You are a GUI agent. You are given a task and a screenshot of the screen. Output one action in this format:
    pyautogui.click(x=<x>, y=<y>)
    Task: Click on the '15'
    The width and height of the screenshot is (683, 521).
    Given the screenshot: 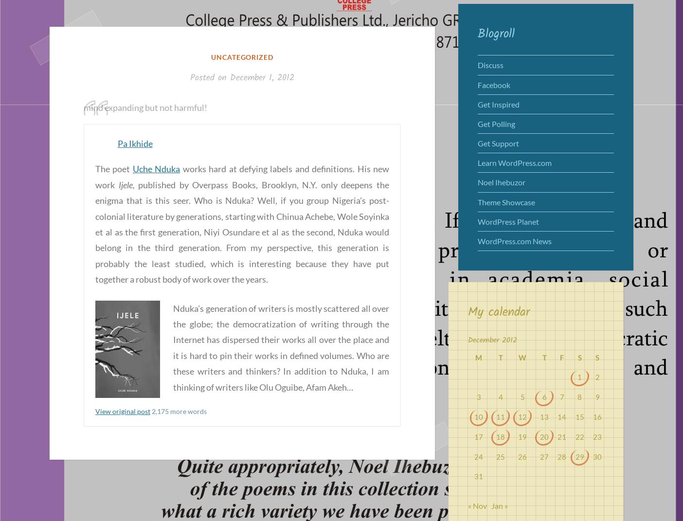 What is the action you would take?
    pyautogui.click(x=575, y=416)
    